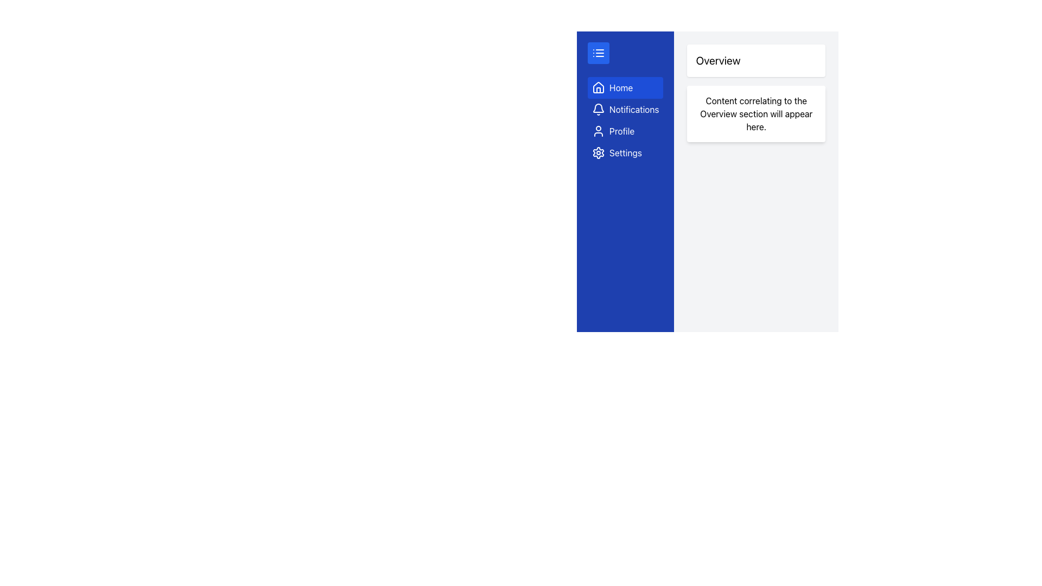  Describe the element at coordinates (598, 53) in the screenshot. I see `the icon located at the top-left corner of the navigation bar with a blue background` at that location.